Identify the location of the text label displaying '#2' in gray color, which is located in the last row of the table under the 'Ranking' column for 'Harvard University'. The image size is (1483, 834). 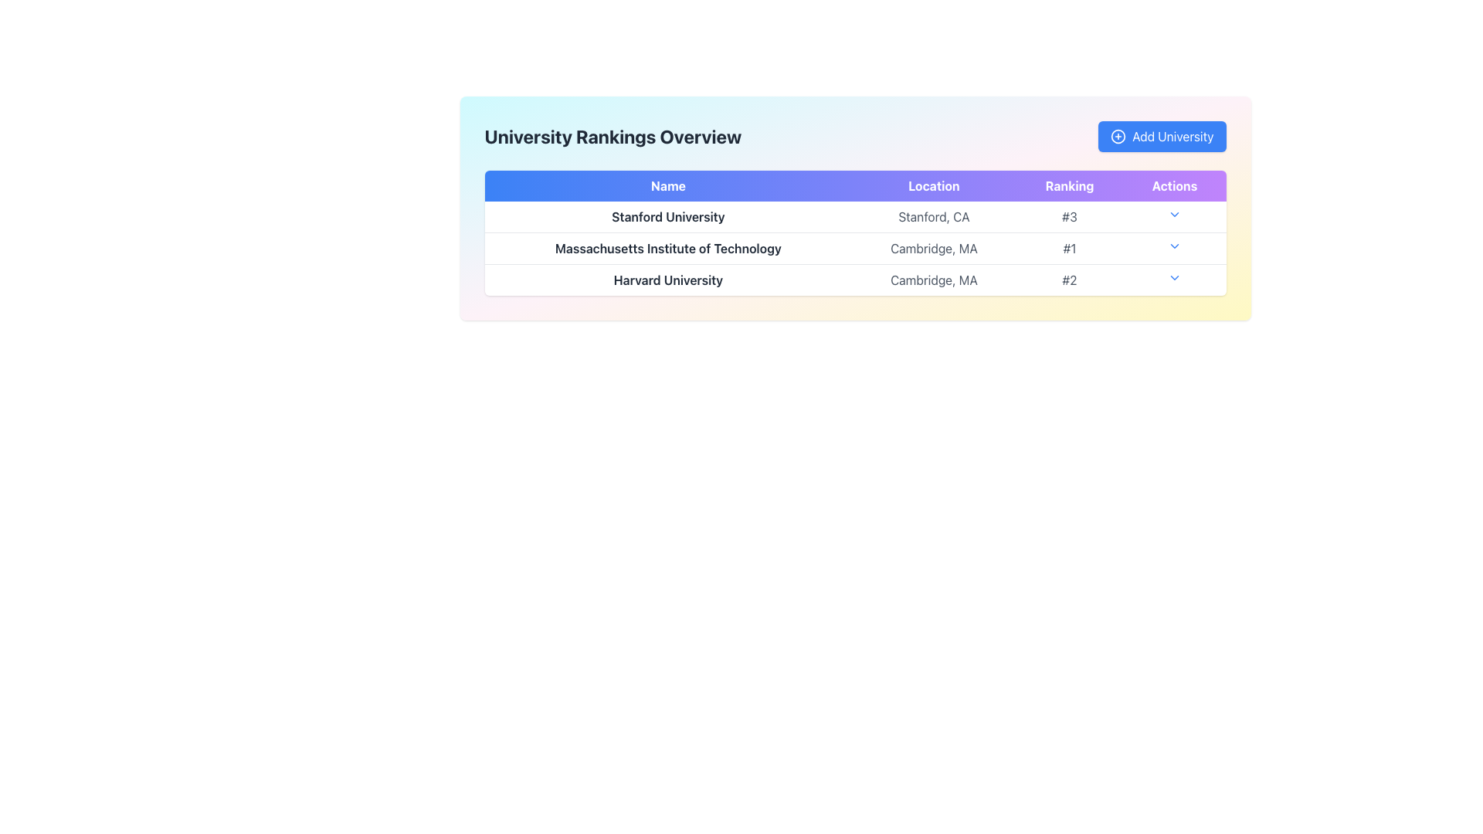
(1069, 280).